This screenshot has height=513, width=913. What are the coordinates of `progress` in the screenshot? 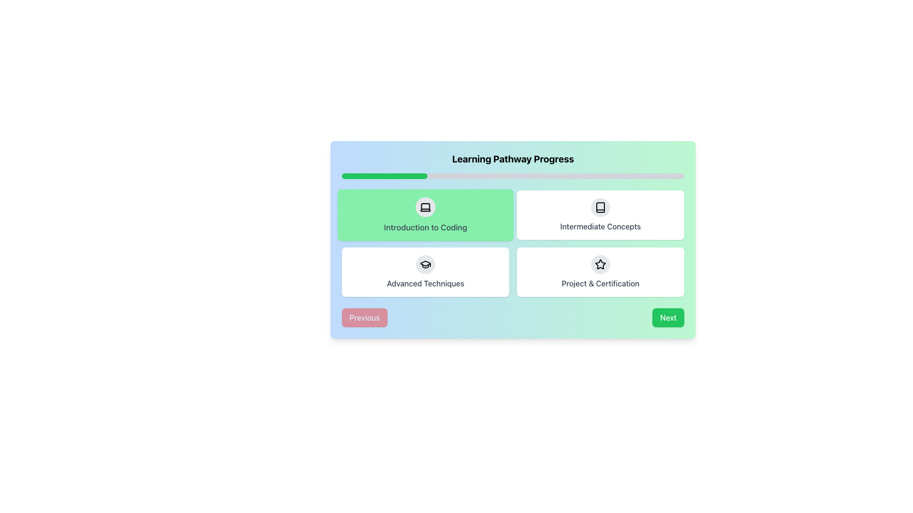 It's located at (458, 176).